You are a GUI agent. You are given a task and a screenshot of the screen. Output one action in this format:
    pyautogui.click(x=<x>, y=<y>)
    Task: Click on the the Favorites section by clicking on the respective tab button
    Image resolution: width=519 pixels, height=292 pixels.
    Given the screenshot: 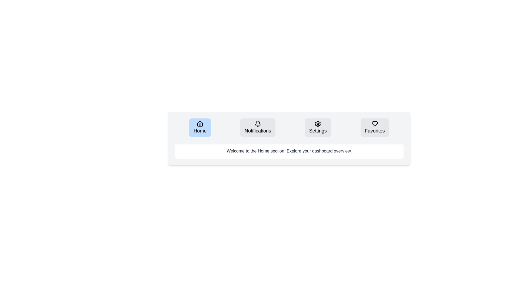 What is the action you would take?
    pyautogui.click(x=374, y=127)
    